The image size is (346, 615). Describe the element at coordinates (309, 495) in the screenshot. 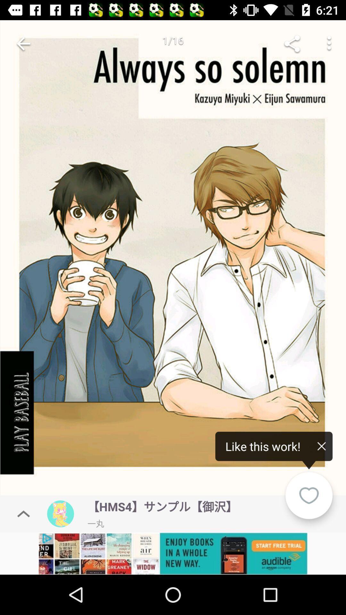

I see `the favorite icon` at that location.